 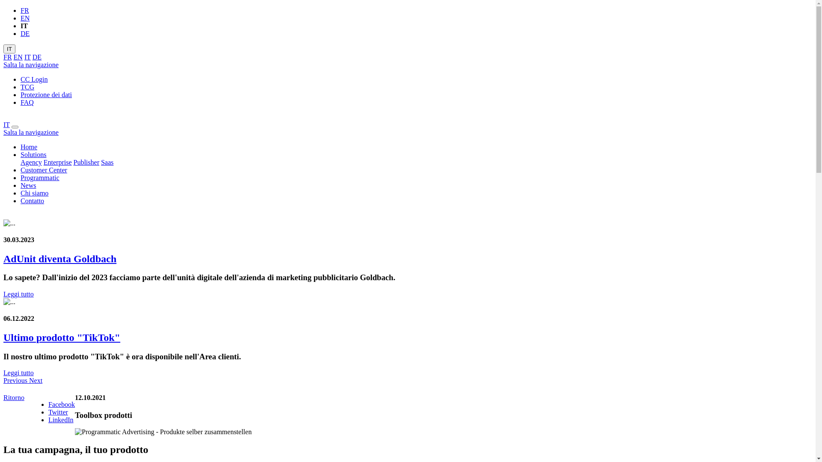 I want to click on 'Customer Center', so click(x=43, y=170).